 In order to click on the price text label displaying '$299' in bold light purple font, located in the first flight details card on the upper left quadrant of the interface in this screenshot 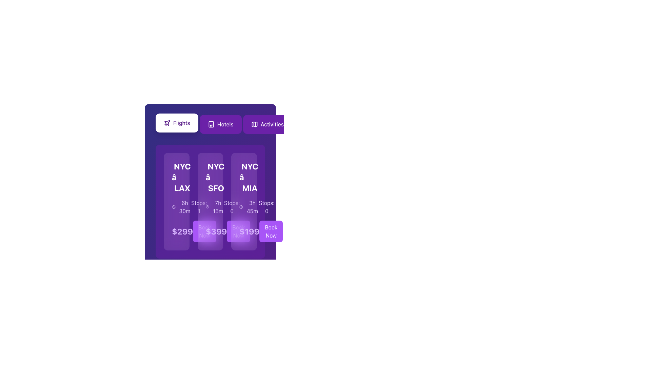, I will do `click(176, 231)`.